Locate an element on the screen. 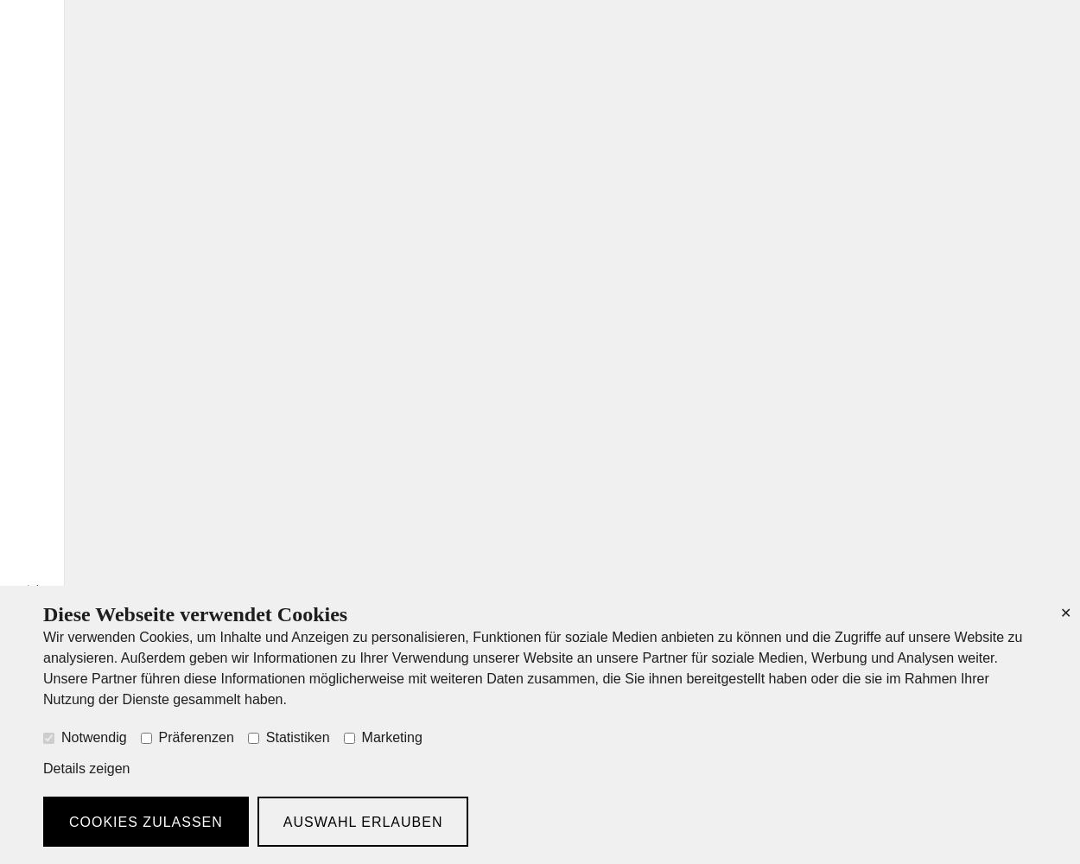  'Präferenzen' is located at coordinates (158, 736).